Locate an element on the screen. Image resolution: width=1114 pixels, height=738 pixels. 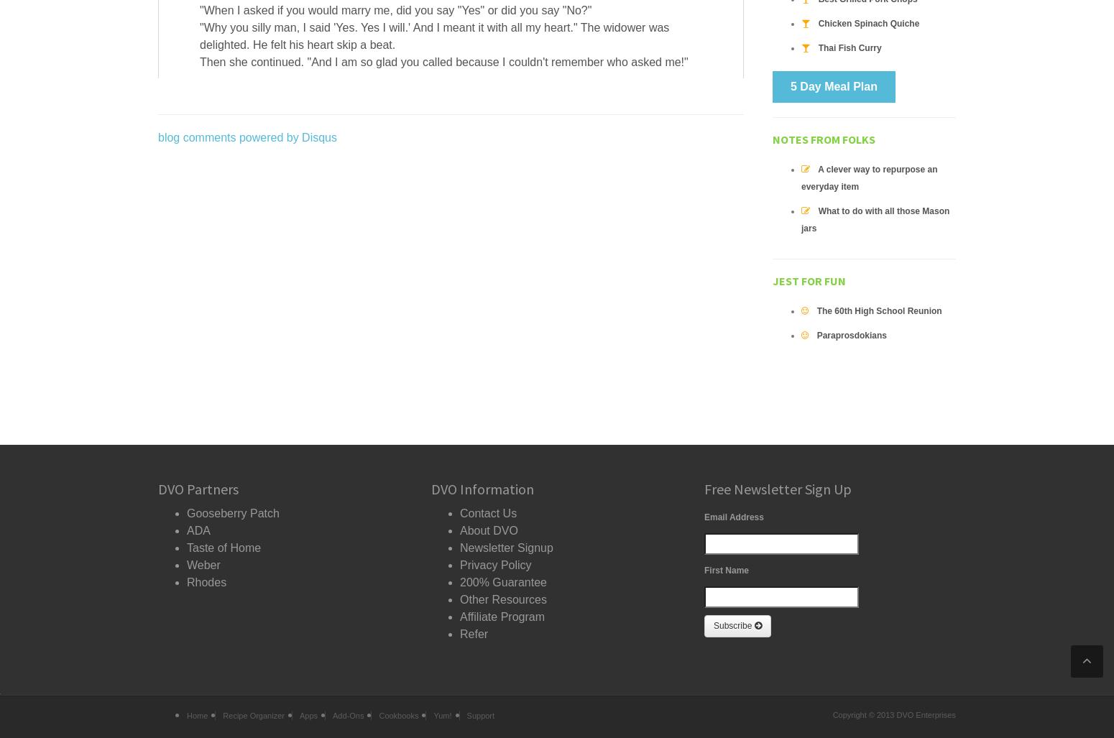
'Email Address' is located at coordinates (704, 517).